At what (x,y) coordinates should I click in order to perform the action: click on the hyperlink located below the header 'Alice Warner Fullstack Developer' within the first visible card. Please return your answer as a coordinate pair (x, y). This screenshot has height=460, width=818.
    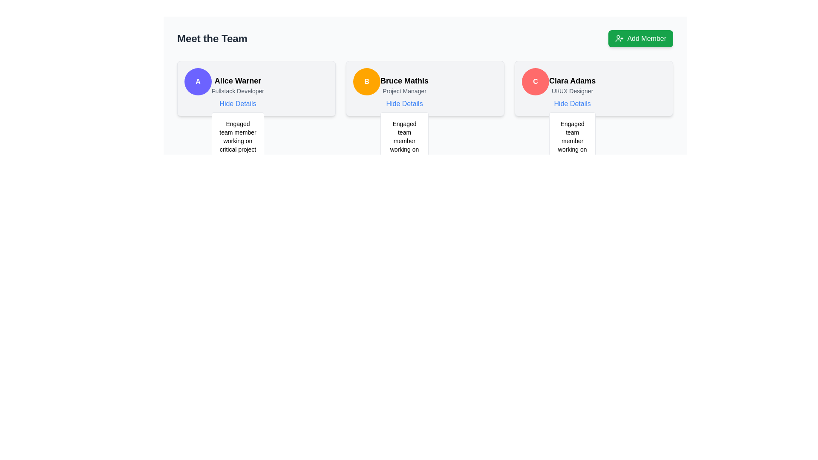
    Looking at the image, I should click on (238, 103).